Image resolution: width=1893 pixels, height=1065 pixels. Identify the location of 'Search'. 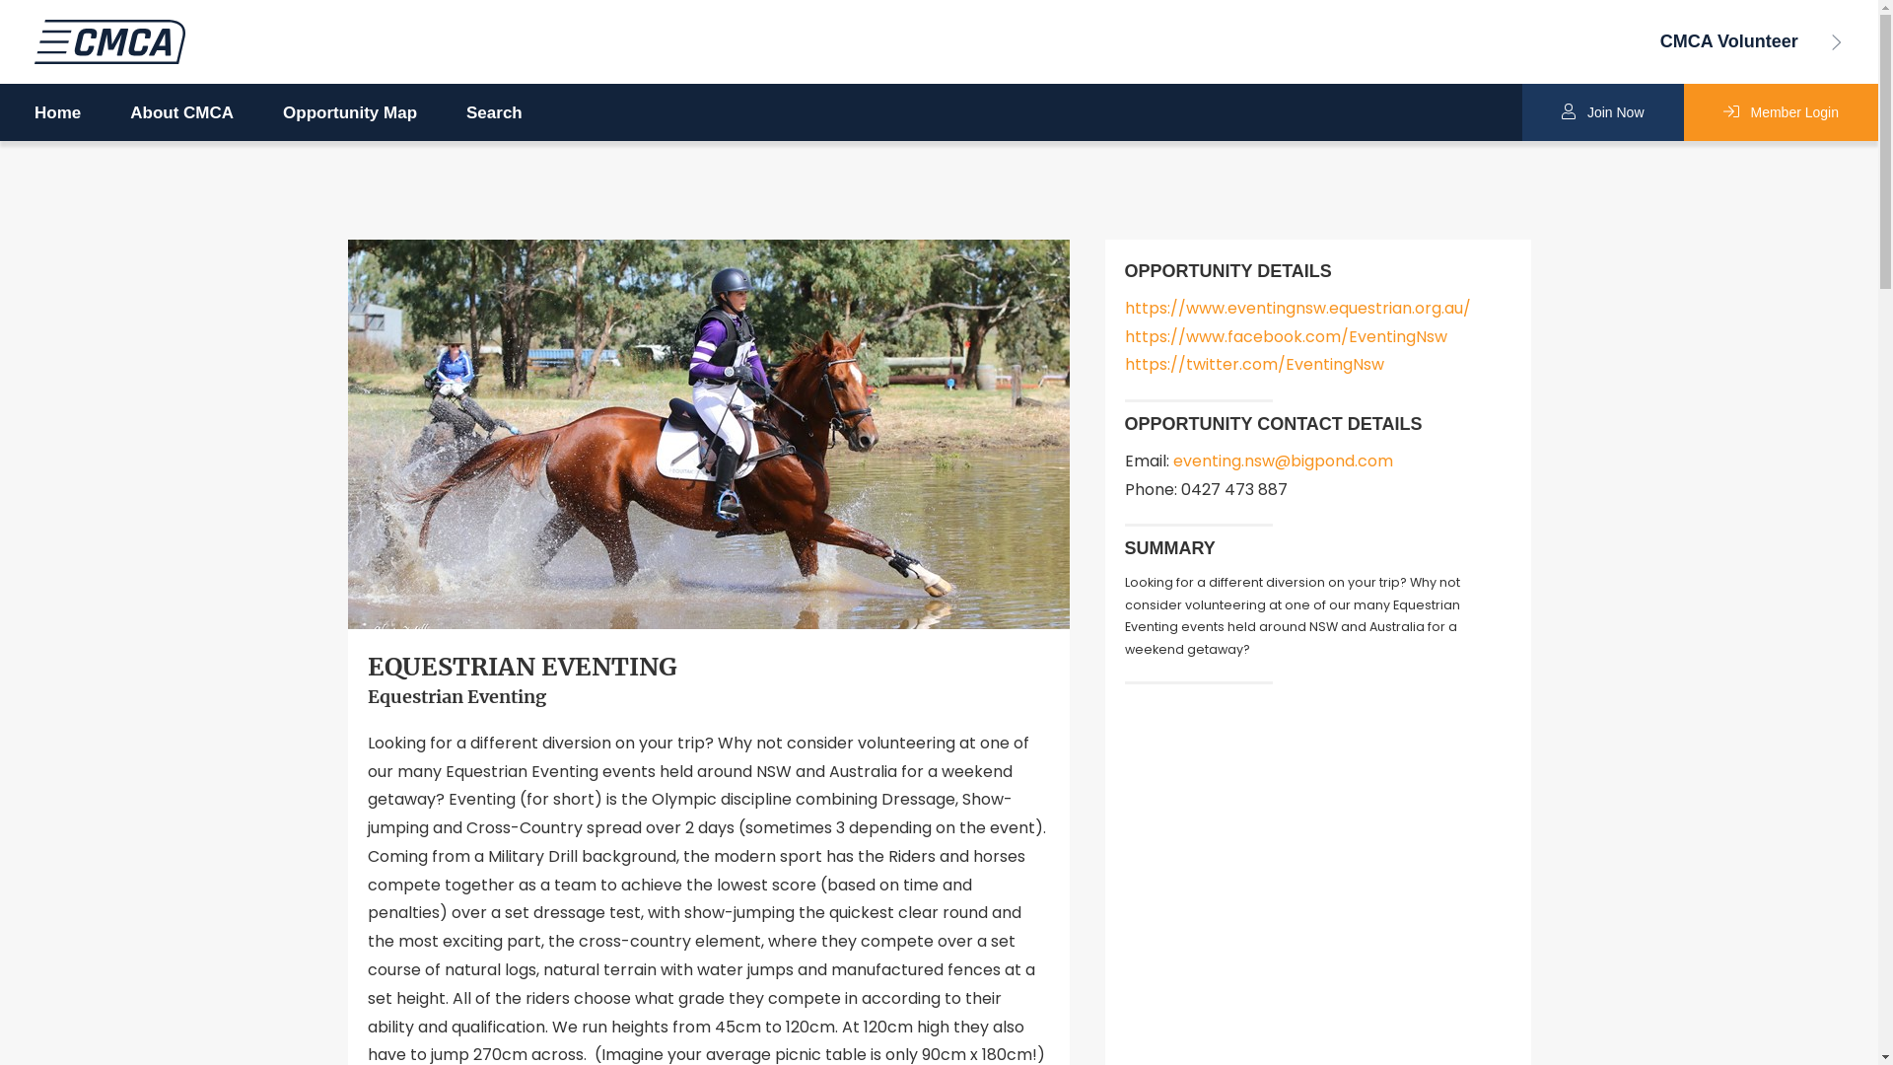
(494, 113).